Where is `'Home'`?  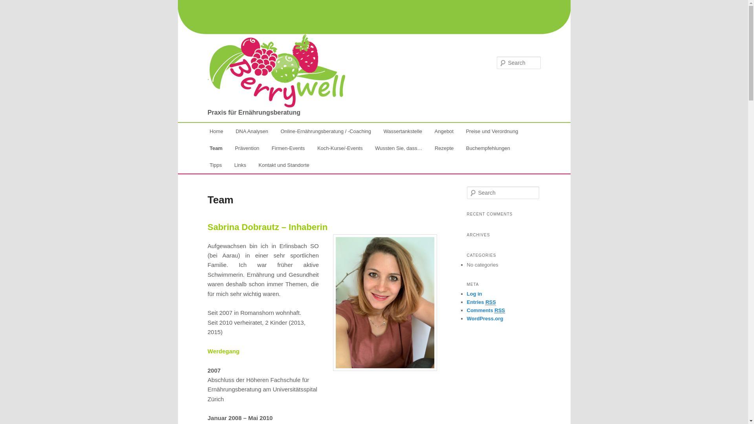
'Home' is located at coordinates (216, 130).